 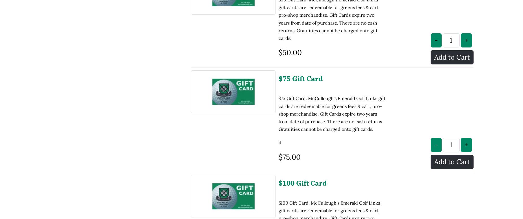 What do you see at coordinates (281, 207) in the screenshot?
I see `'d d'` at bounding box center [281, 207].